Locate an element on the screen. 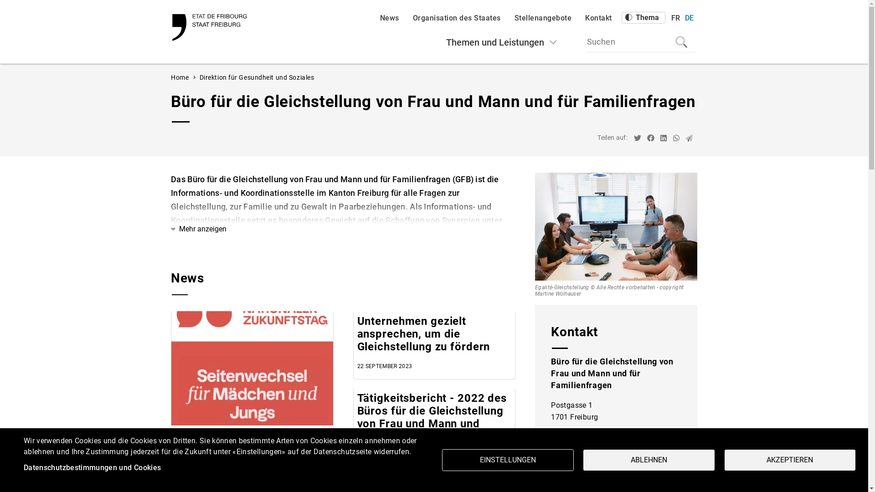 This screenshot has width=875, height=492. 'Teilen auf E-Mail' is located at coordinates (685, 138).